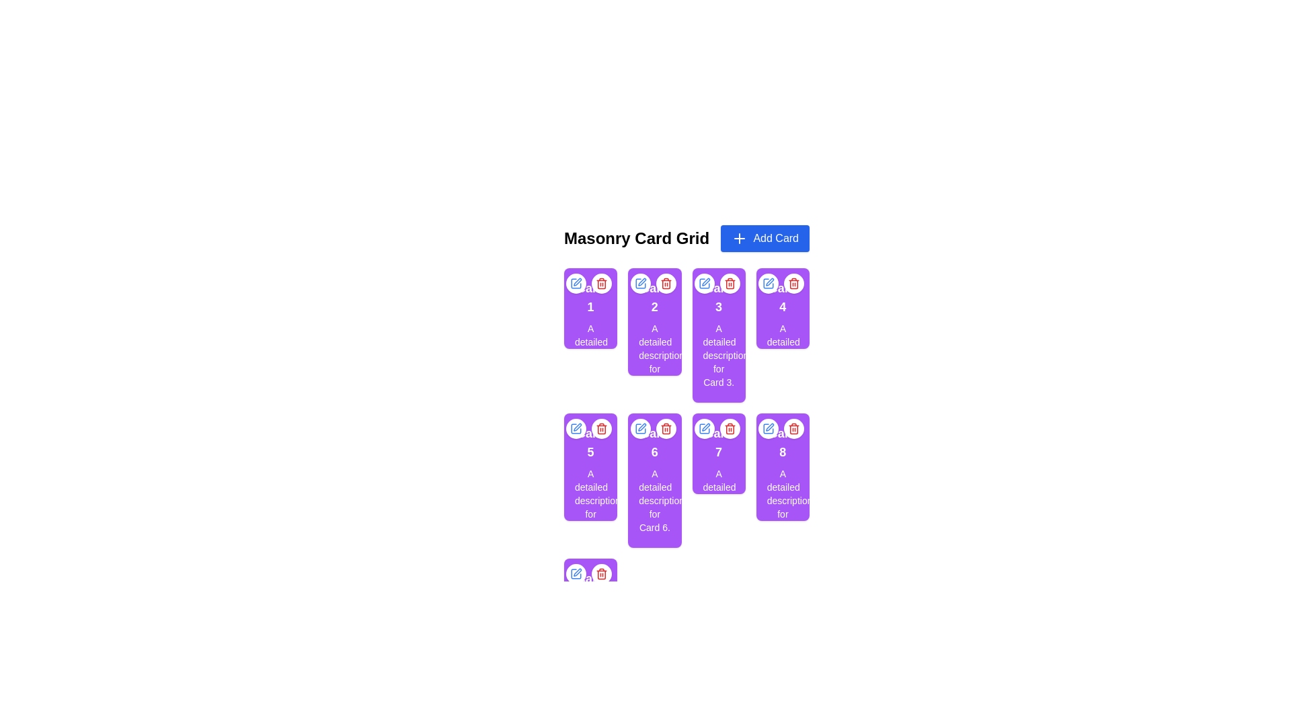 The image size is (1291, 726). I want to click on the circular delete button with a red trash-can icon, located at the top-right of the card, to observe its red hover effect, so click(601, 282).